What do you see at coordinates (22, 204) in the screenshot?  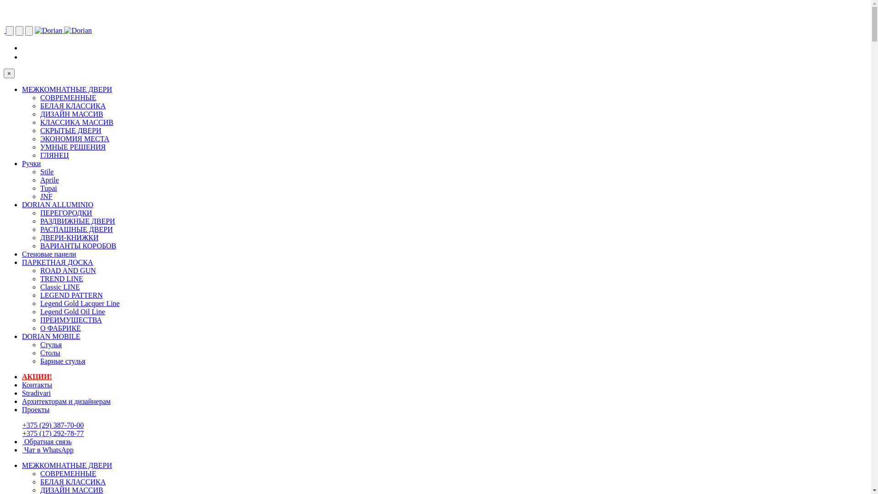 I see `'DORIAN ALLUMINIO'` at bounding box center [22, 204].